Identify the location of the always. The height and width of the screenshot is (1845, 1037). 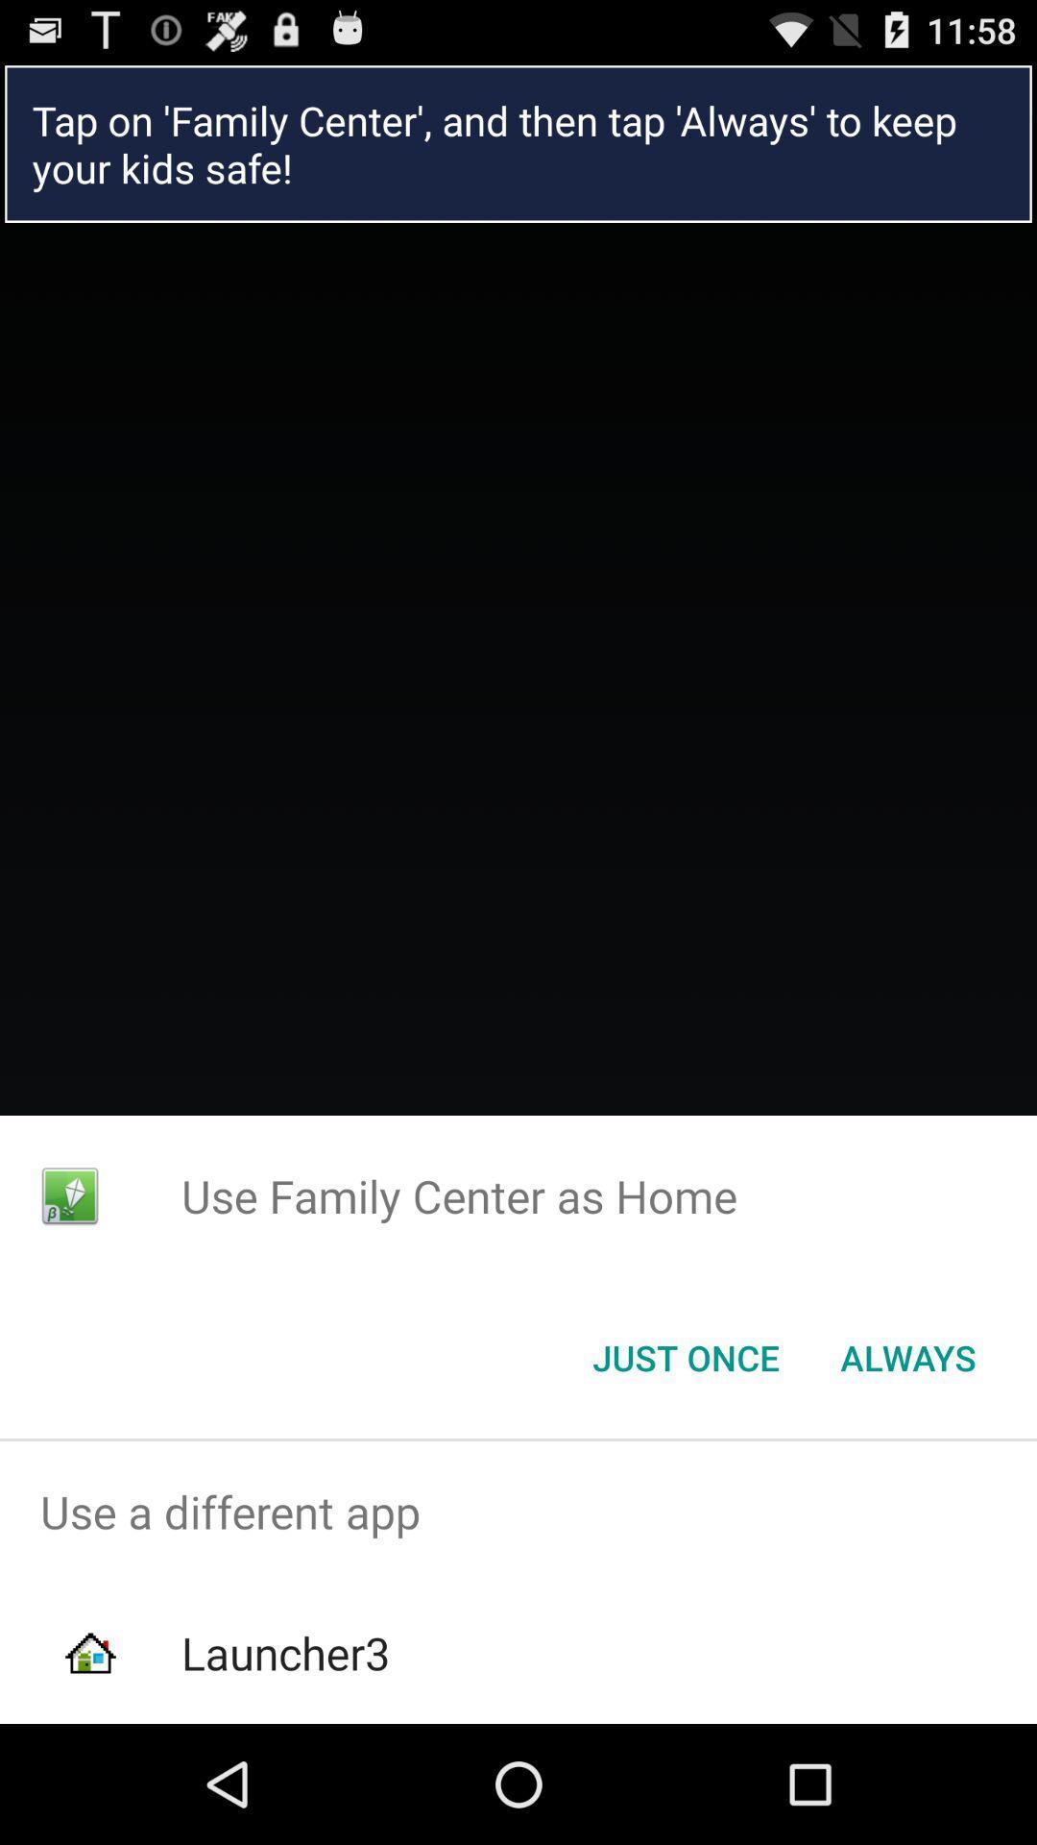
(907, 1356).